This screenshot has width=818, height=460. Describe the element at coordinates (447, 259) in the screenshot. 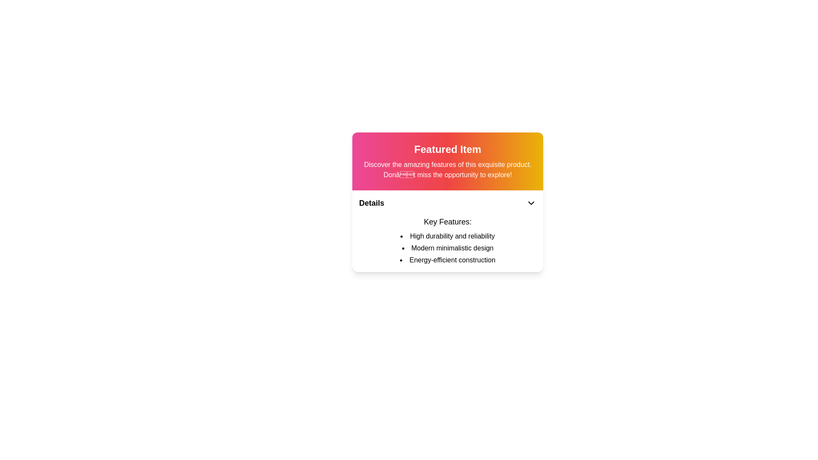

I see `the third text label in the list under 'Key Features' that describes 'Energy-efficient construction'` at that location.